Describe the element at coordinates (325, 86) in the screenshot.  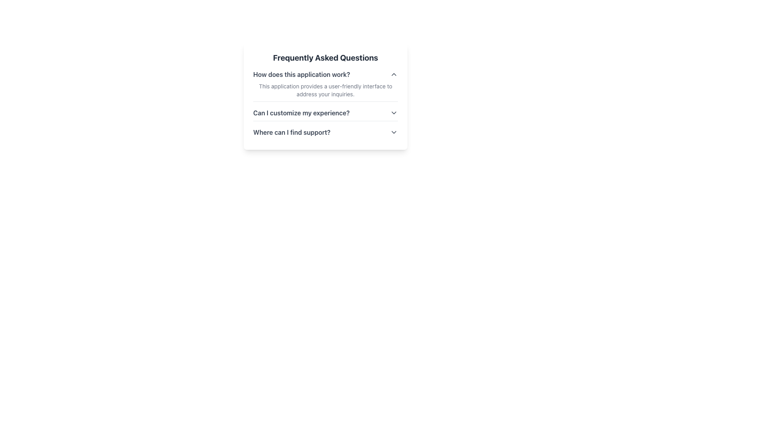
I see `the answer text of the first collapsible question and answer item about 'How does this application work?' located under 'Frequently Asked Questions'` at that location.